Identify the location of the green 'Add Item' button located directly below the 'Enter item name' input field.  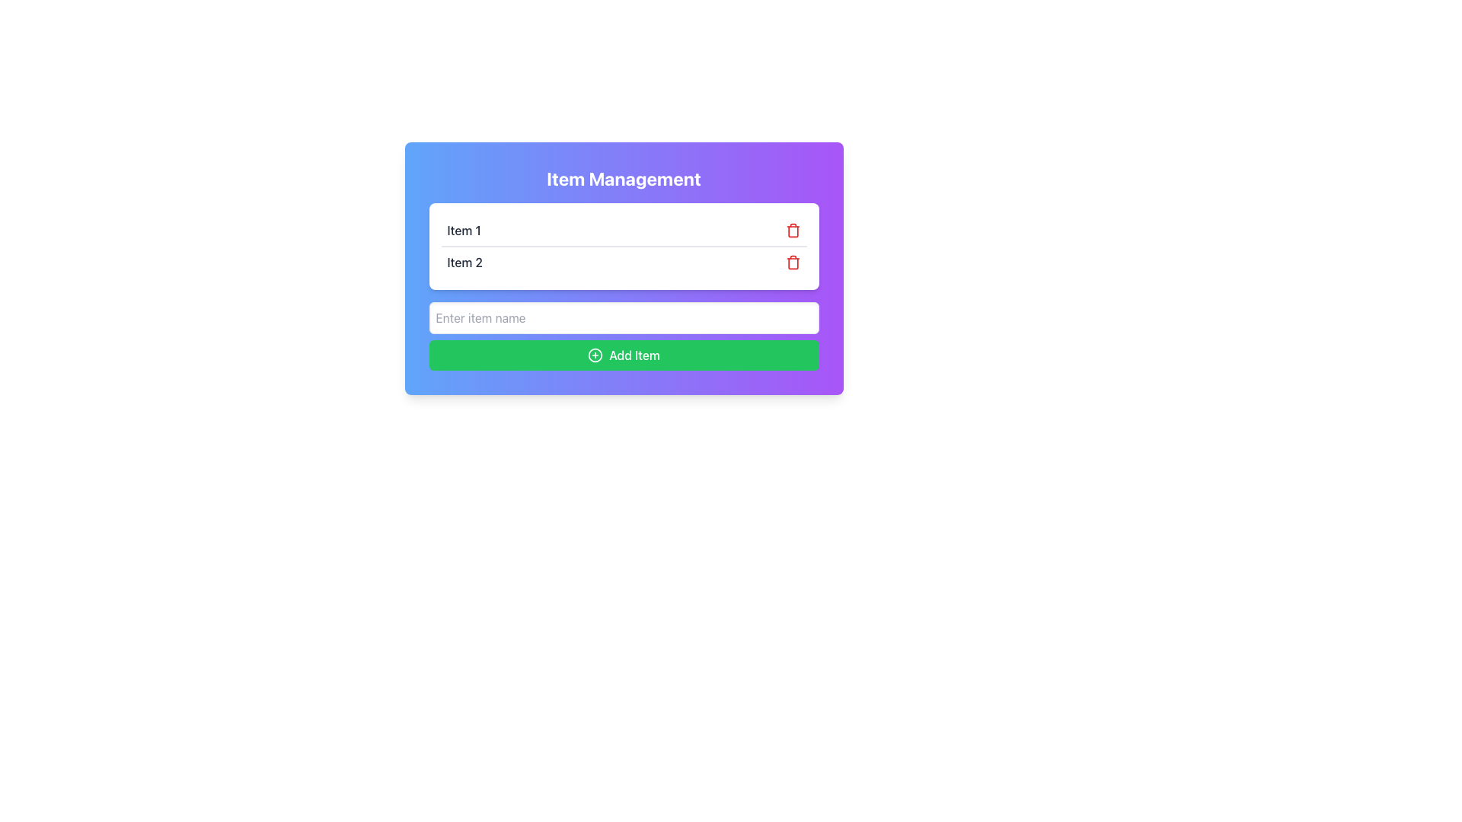
(624, 355).